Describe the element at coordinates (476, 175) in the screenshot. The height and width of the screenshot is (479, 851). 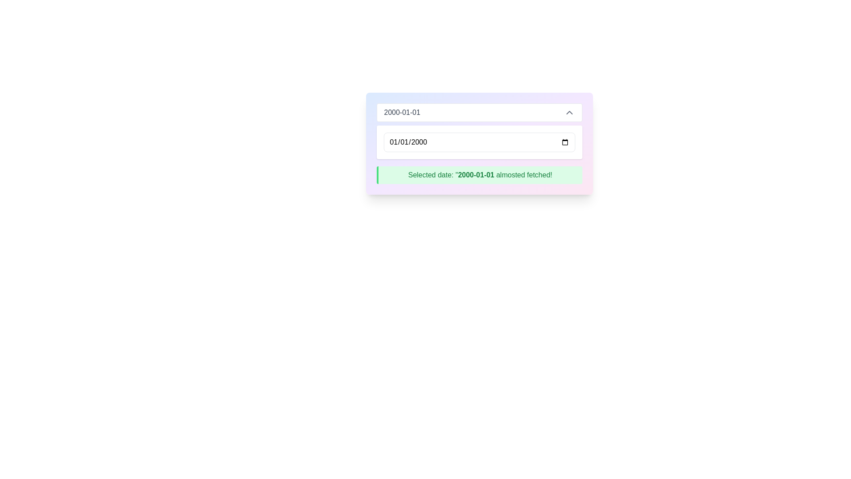
I see `the text label that displays the currently selected date, which is part of the text 'Selected date: "2000-01-01 almosted fetched!"'` at that location.